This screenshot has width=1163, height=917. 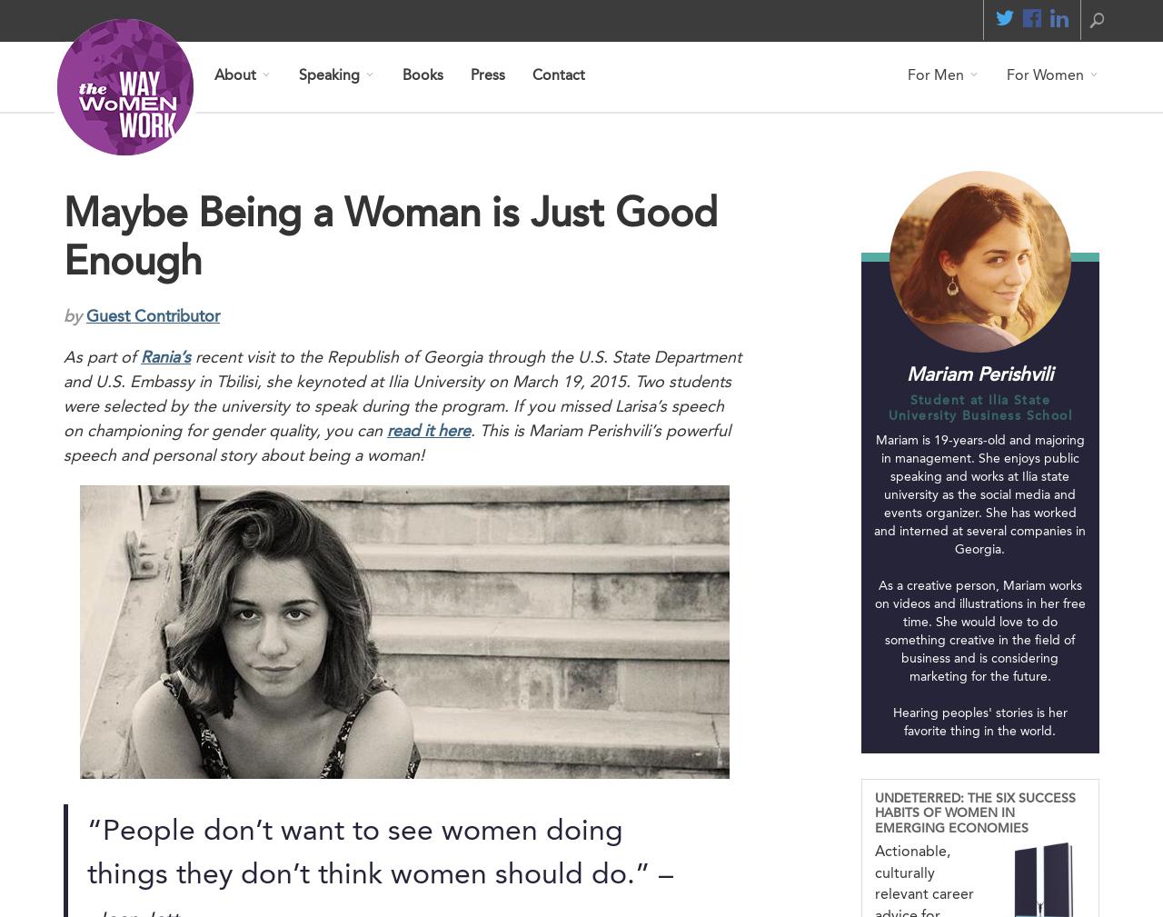 I want to click on 'Hearing peoples' stories is her favorite thing in the world.', so click(x=979, y=721).